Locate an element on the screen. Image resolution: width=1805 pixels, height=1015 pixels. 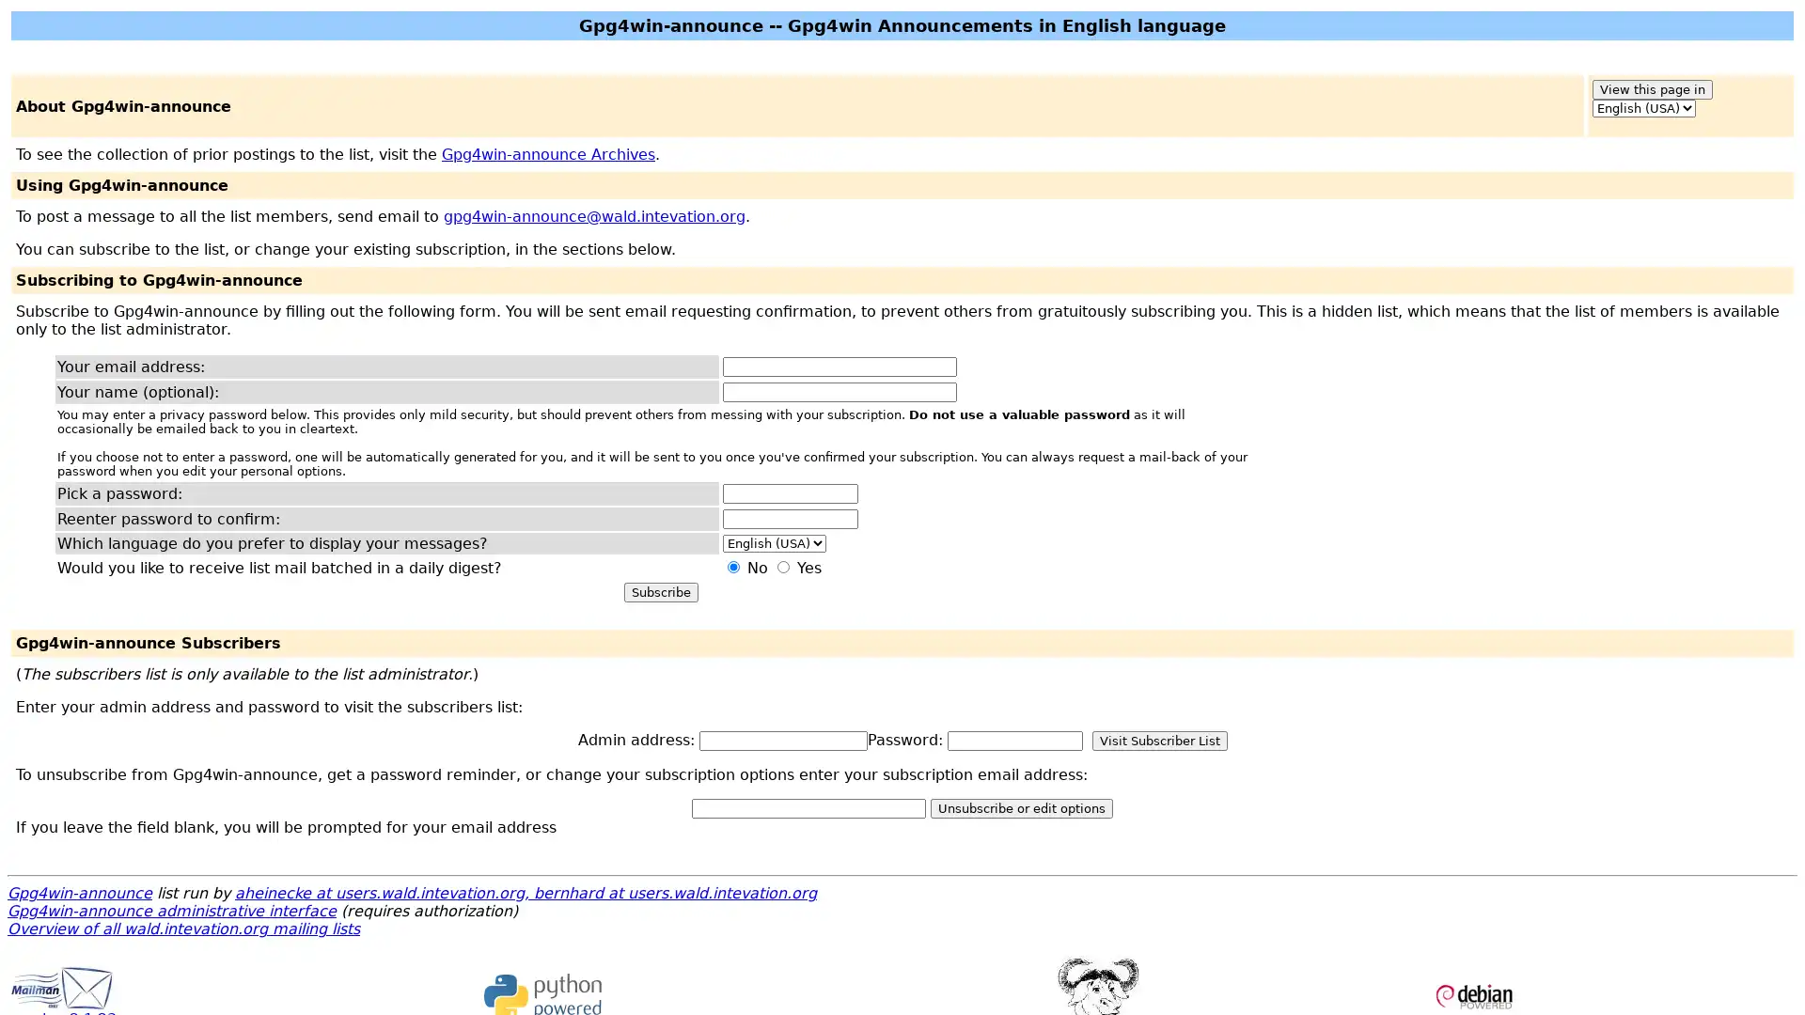
Subscribe is located at coordinates (660, 592).